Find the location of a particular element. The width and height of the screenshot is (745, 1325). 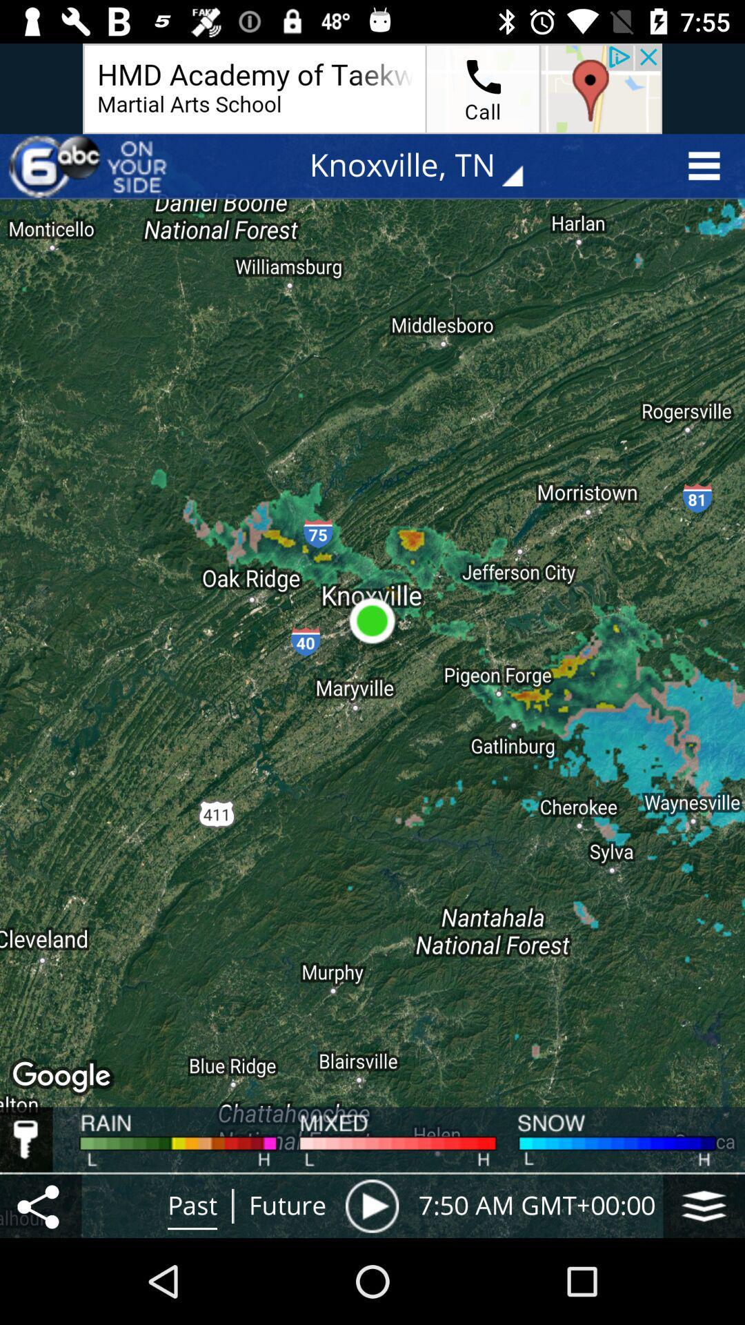

future is located at coordinates (286, 1205).